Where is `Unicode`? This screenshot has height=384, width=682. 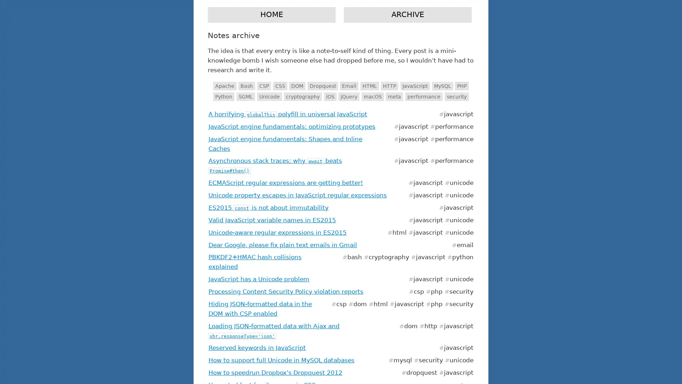 Unicode is located at coordinates (269, 96).